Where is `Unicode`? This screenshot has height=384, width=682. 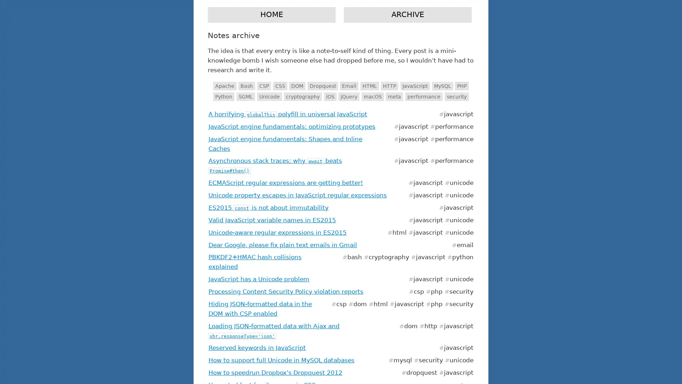 Unicode is located at coordinates (269, 96).